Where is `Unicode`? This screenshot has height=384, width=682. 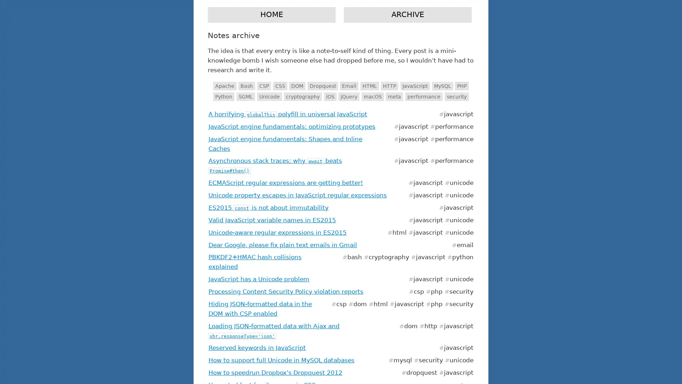 Unicode is located at coordinates (269, 96).